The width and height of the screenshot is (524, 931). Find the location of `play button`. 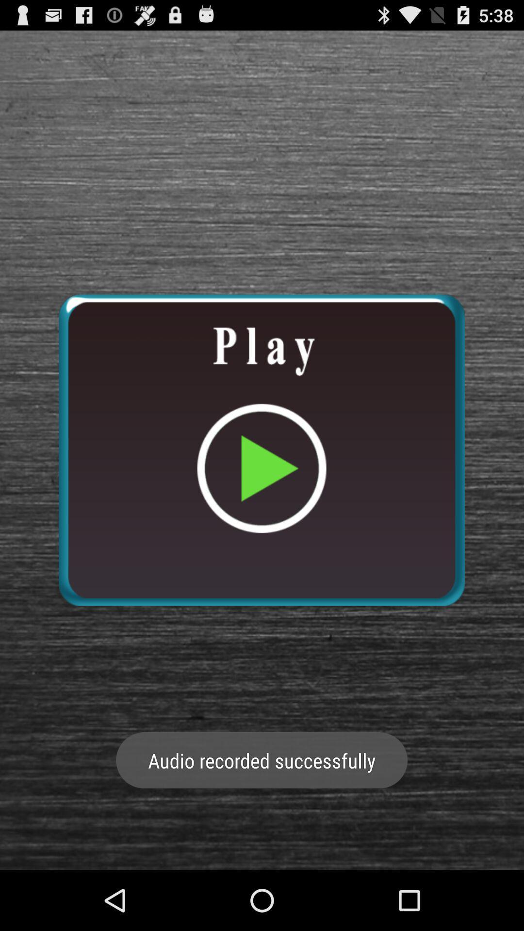

play button is located at coordinates (261, 449).